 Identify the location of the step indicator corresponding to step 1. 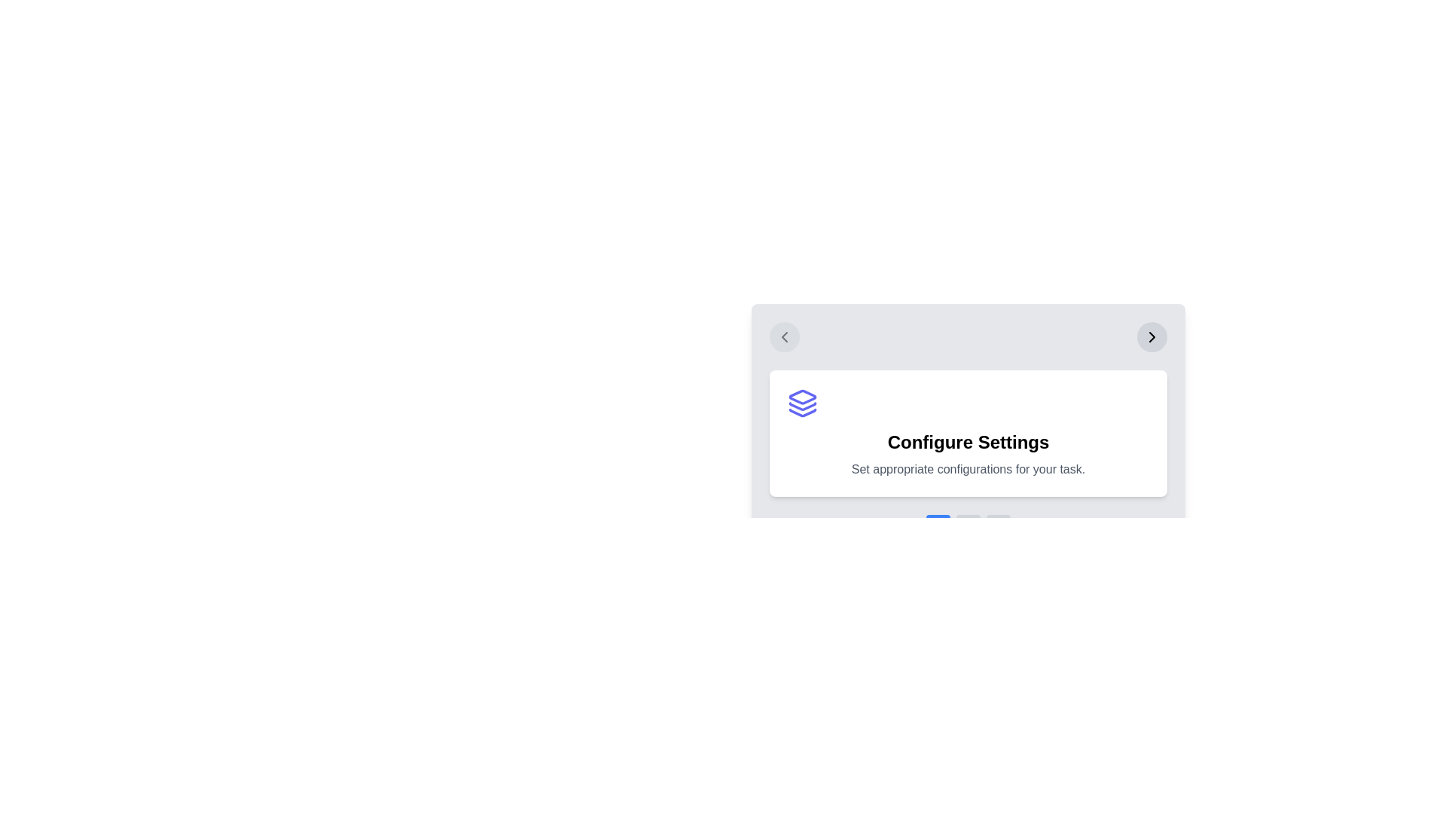
(938, 516).